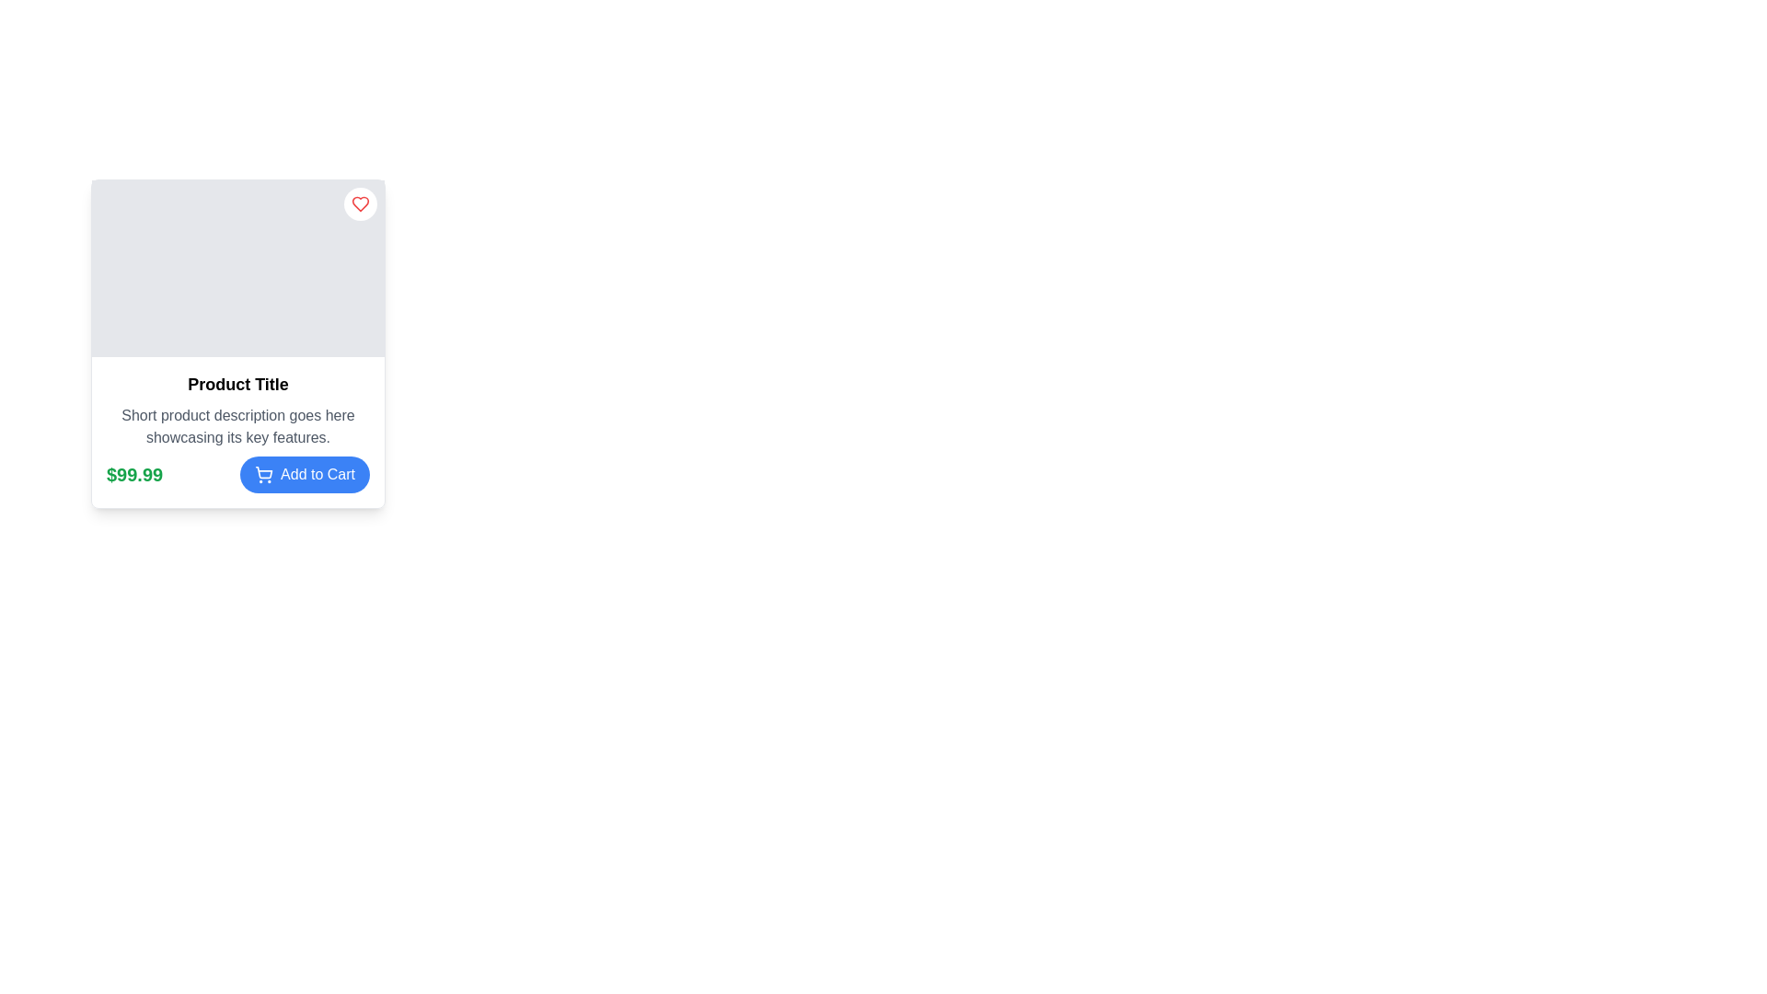 This screenshot has height=994, width=1767. What do you see at coordinates (263, 471) in the screenshot?
I see `the shopping cart icon inside the blue 'Add to Cart' button located at the bottom-right corner of the product card` at bounding box center [263, 471].